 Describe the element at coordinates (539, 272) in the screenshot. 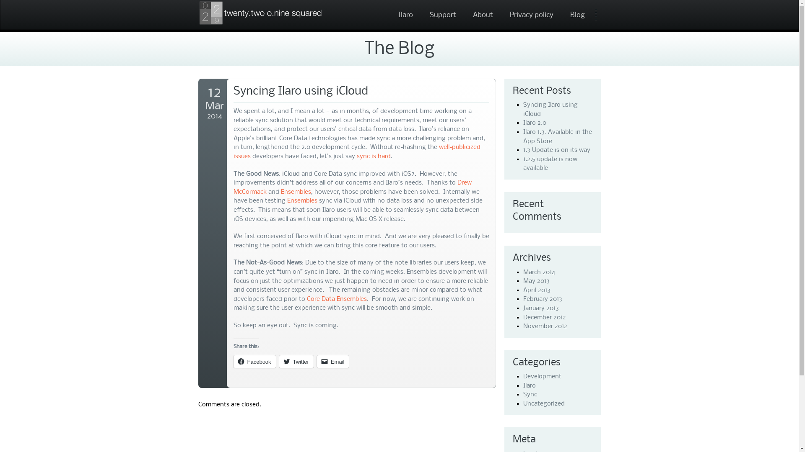

I see `'March 2014'` at that location.